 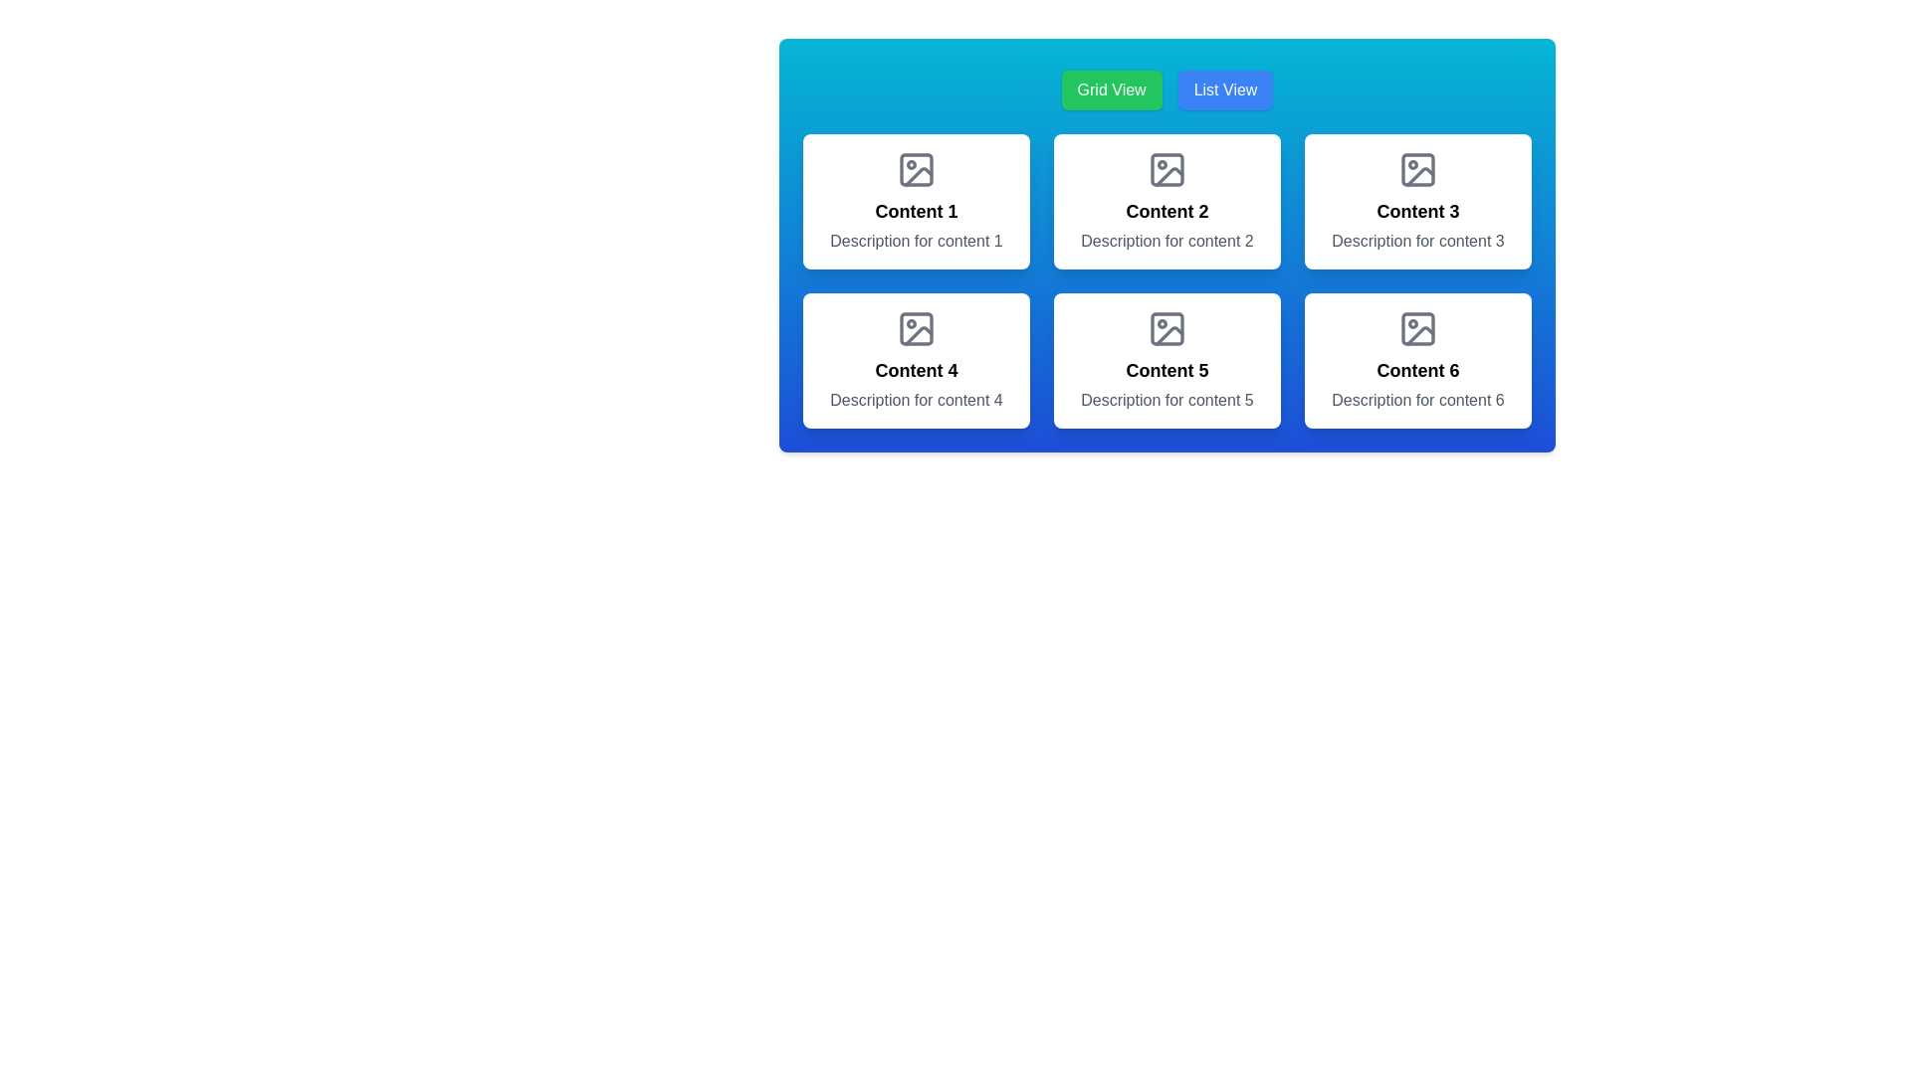 I want to click on the image placeholder icon located at the top center of the 'Content 6' card, which is positioned in the bottom-right corner of the 2x3 grid of content boxes, so click(x=1417, y=328).